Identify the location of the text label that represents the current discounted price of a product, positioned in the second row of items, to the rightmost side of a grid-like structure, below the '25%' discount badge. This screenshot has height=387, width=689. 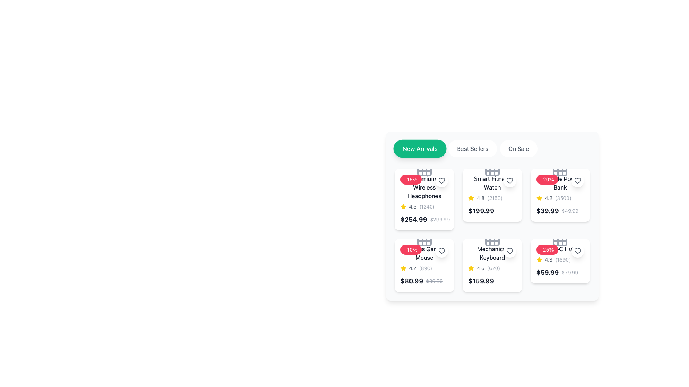
(547, 272).